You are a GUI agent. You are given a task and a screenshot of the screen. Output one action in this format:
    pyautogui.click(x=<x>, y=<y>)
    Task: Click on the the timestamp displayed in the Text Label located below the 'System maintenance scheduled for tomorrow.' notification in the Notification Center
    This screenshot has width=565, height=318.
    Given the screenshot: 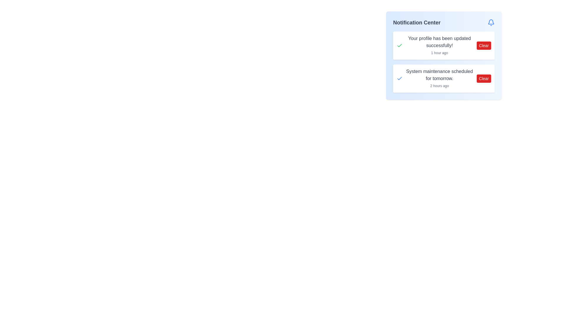 What is the action you would take?
    pyautogui.click(x=439, y=86)
    